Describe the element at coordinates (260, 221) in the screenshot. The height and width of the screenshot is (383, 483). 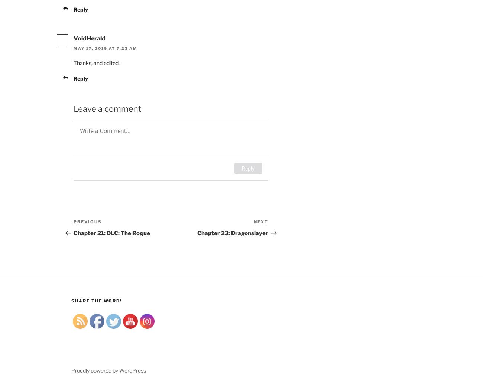
I see `'Next'` at that location.